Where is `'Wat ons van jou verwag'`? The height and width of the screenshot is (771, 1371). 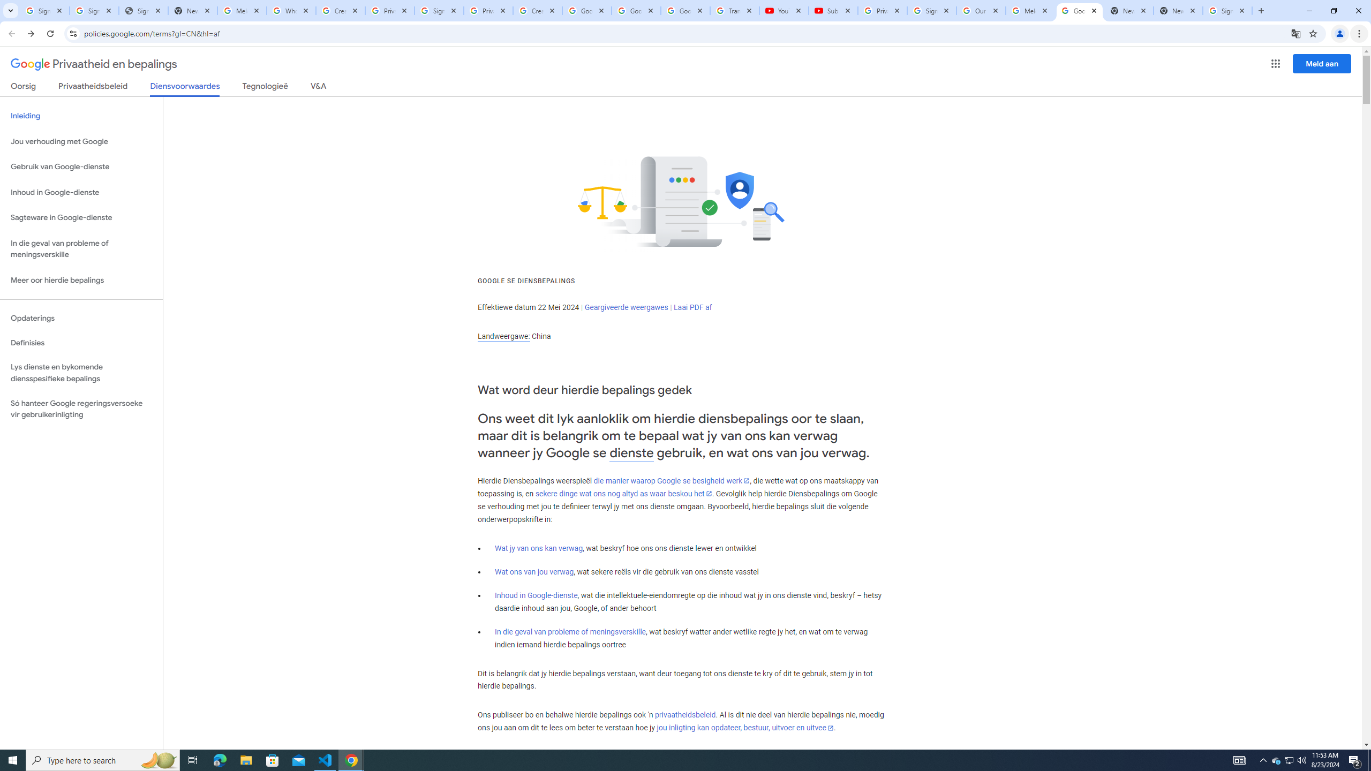 'Wat ons van jou verwag' is located at coordinates (534, 571).